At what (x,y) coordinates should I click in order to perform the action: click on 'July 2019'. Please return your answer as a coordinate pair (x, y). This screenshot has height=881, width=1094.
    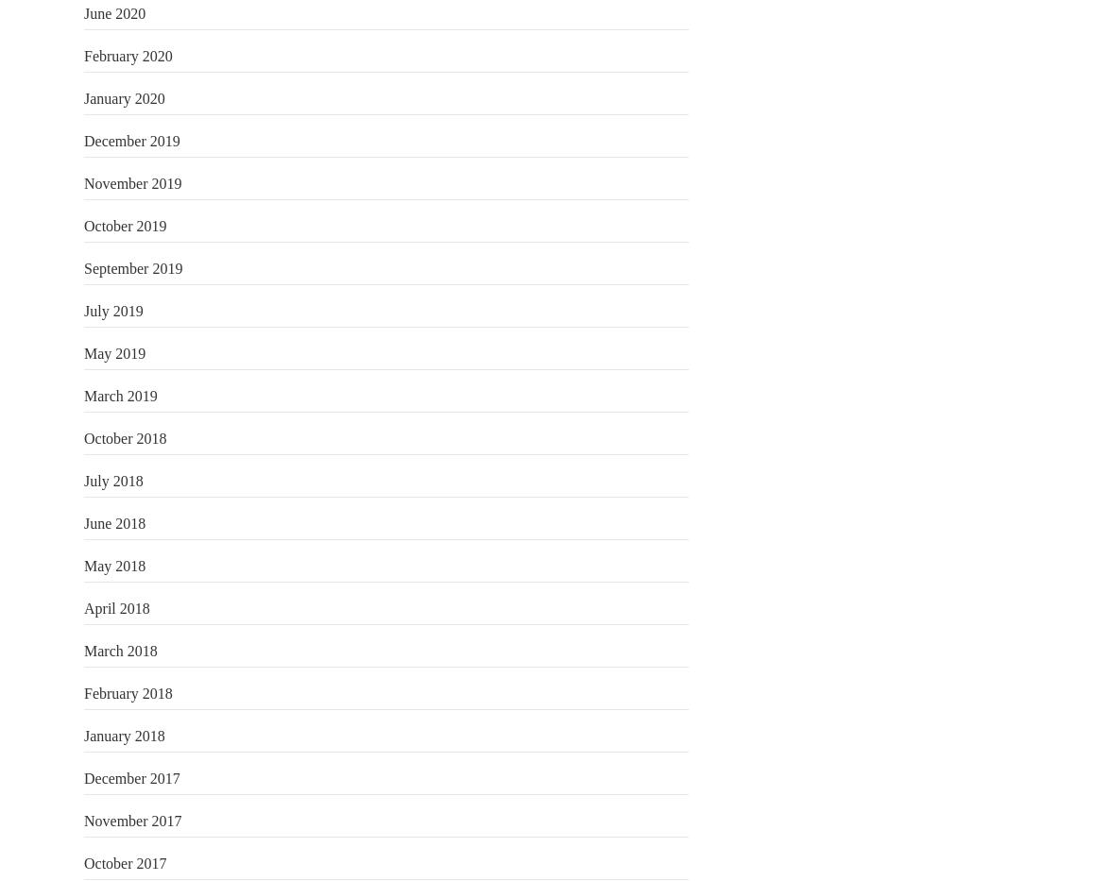
    Looking at the image, I should click on (111, 309).